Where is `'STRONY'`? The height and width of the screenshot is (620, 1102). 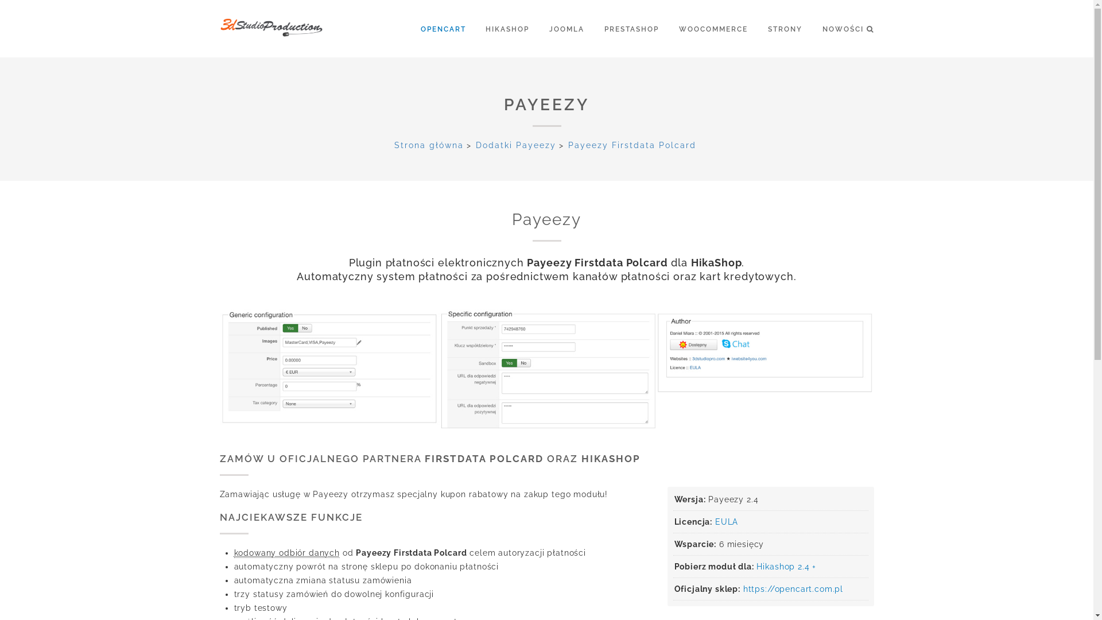
'STRONY' is located at coordinates (793, 28).